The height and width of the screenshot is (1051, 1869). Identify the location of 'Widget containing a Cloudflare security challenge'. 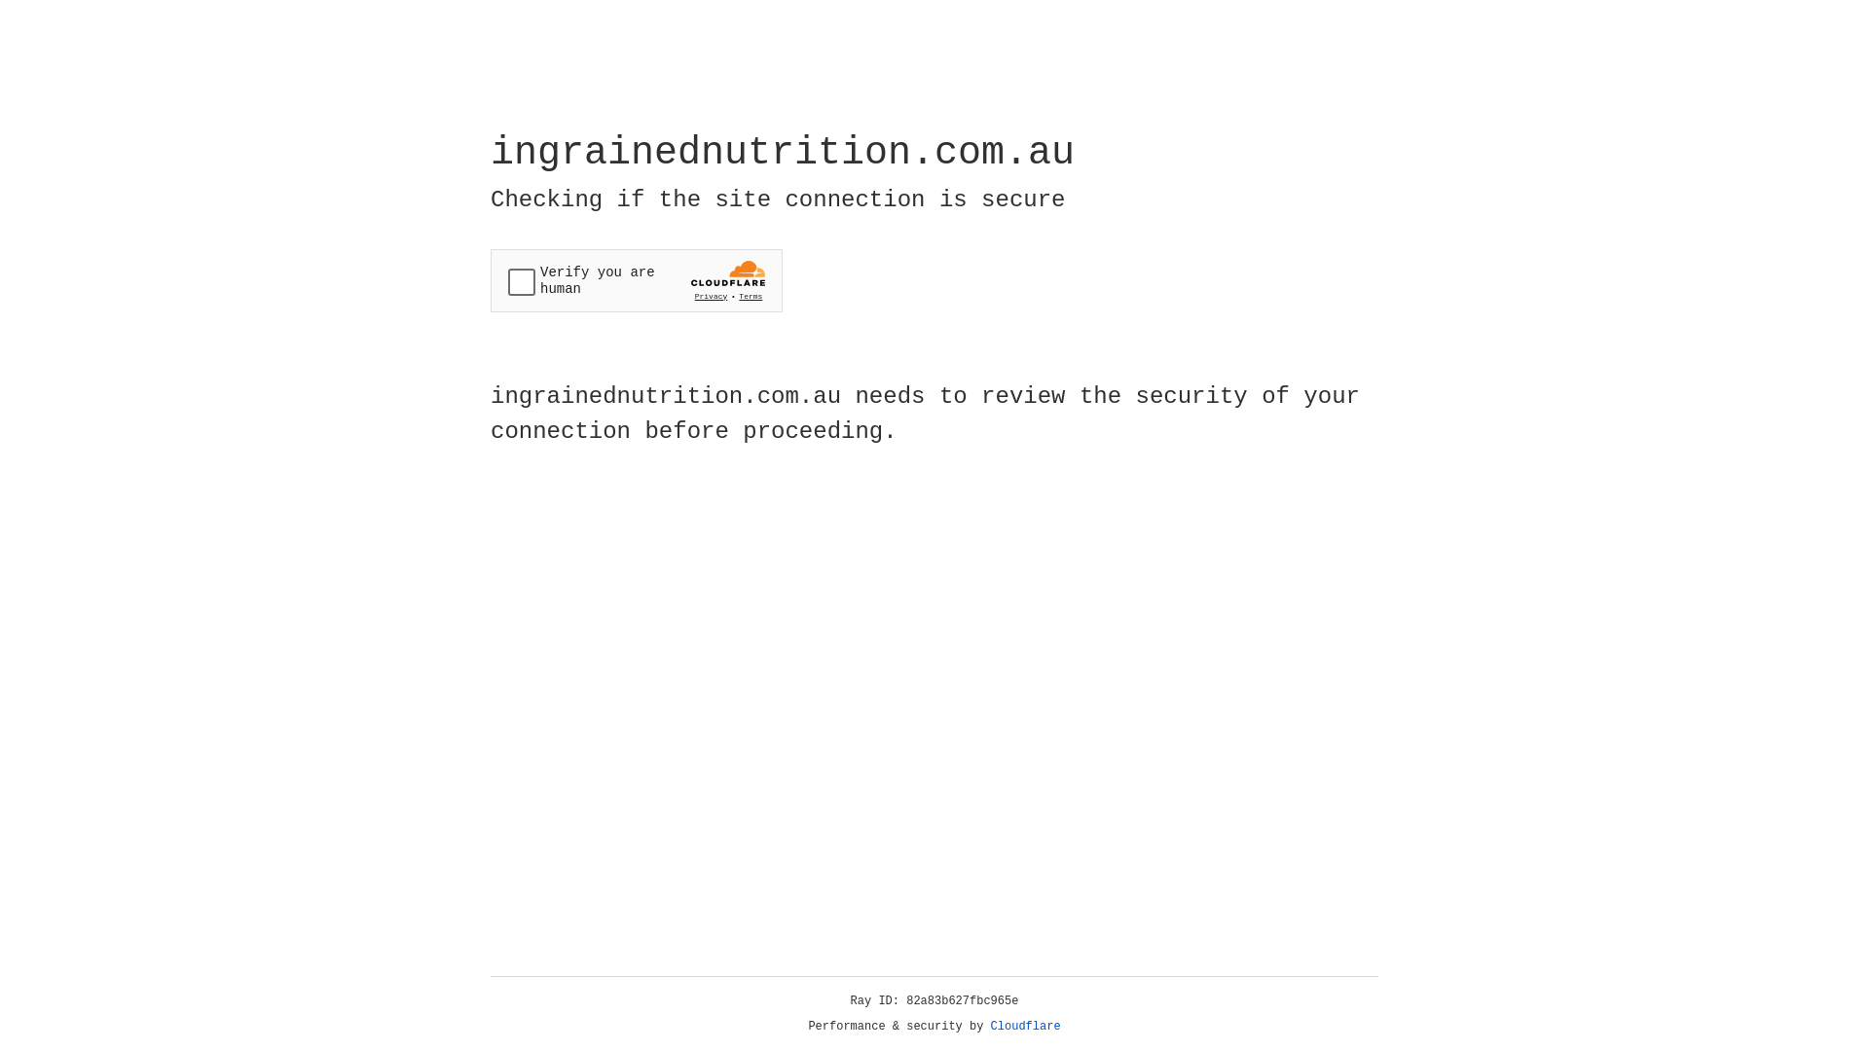
(636, 280).